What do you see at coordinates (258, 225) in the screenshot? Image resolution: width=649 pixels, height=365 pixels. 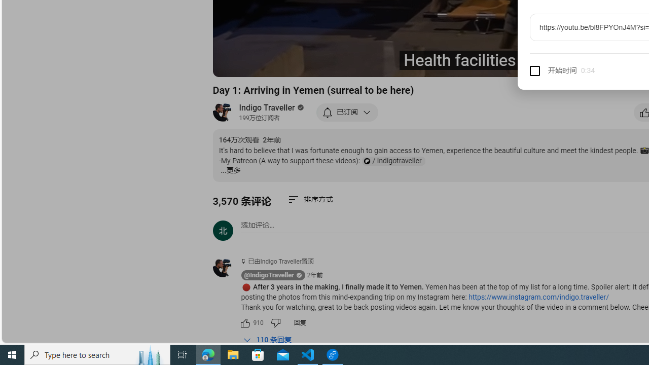 I see `'AutomationID: simplebox-placeholder'` at bounding box center [258, 225].